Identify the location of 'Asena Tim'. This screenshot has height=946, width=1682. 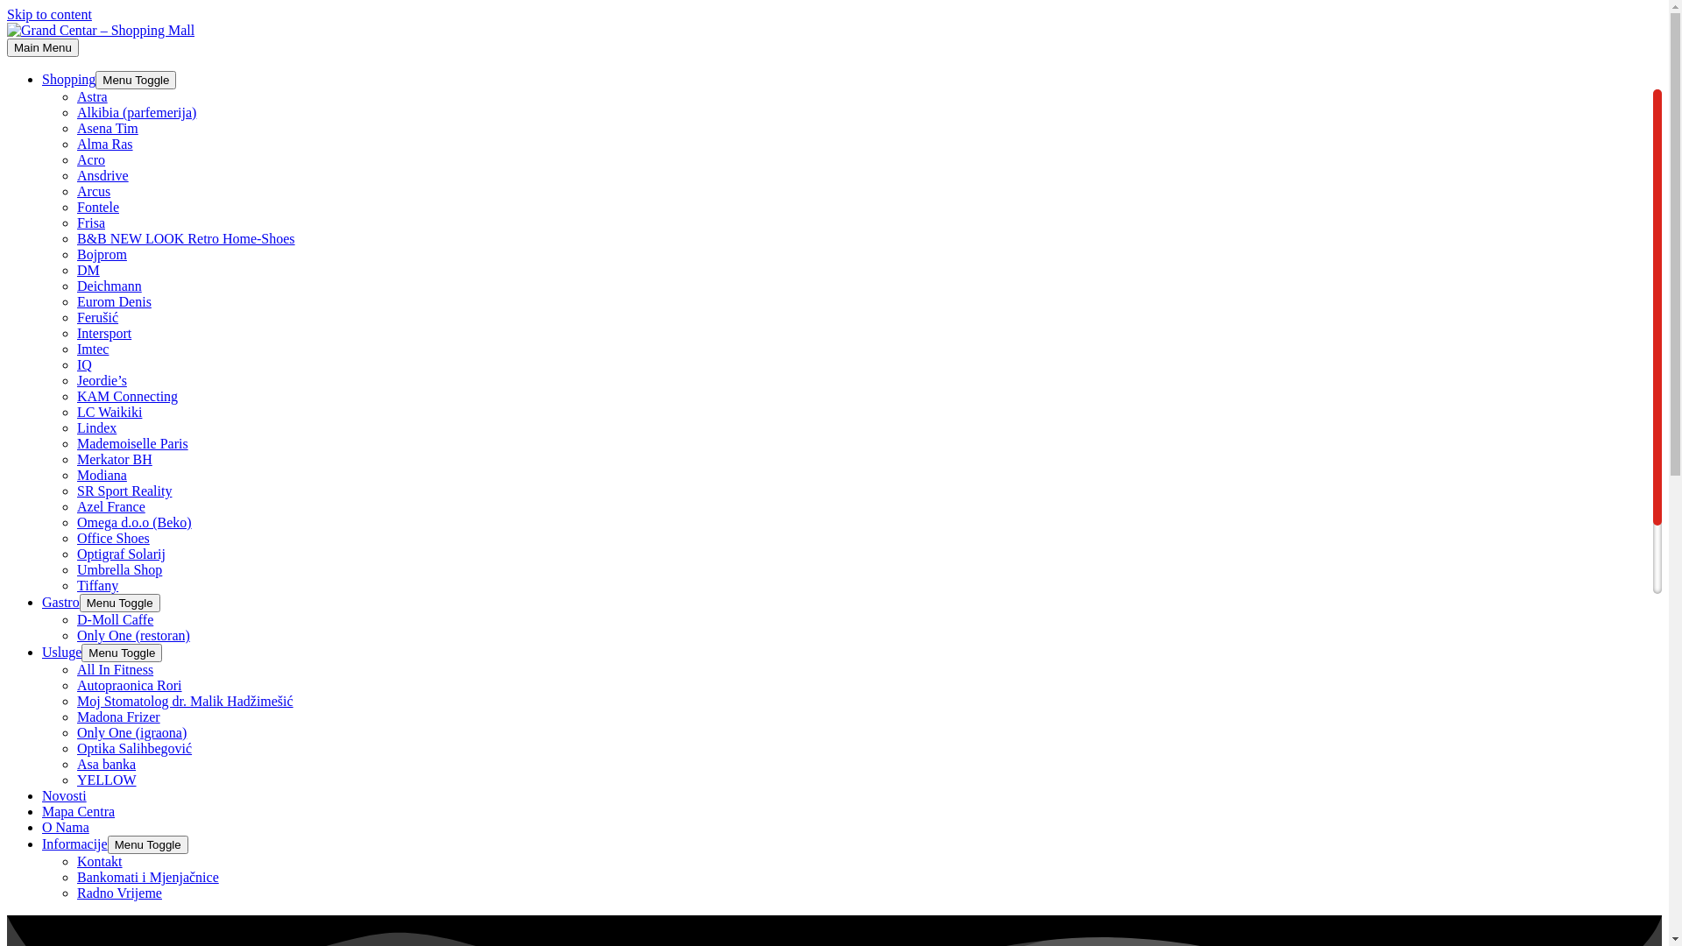
(107, 127).